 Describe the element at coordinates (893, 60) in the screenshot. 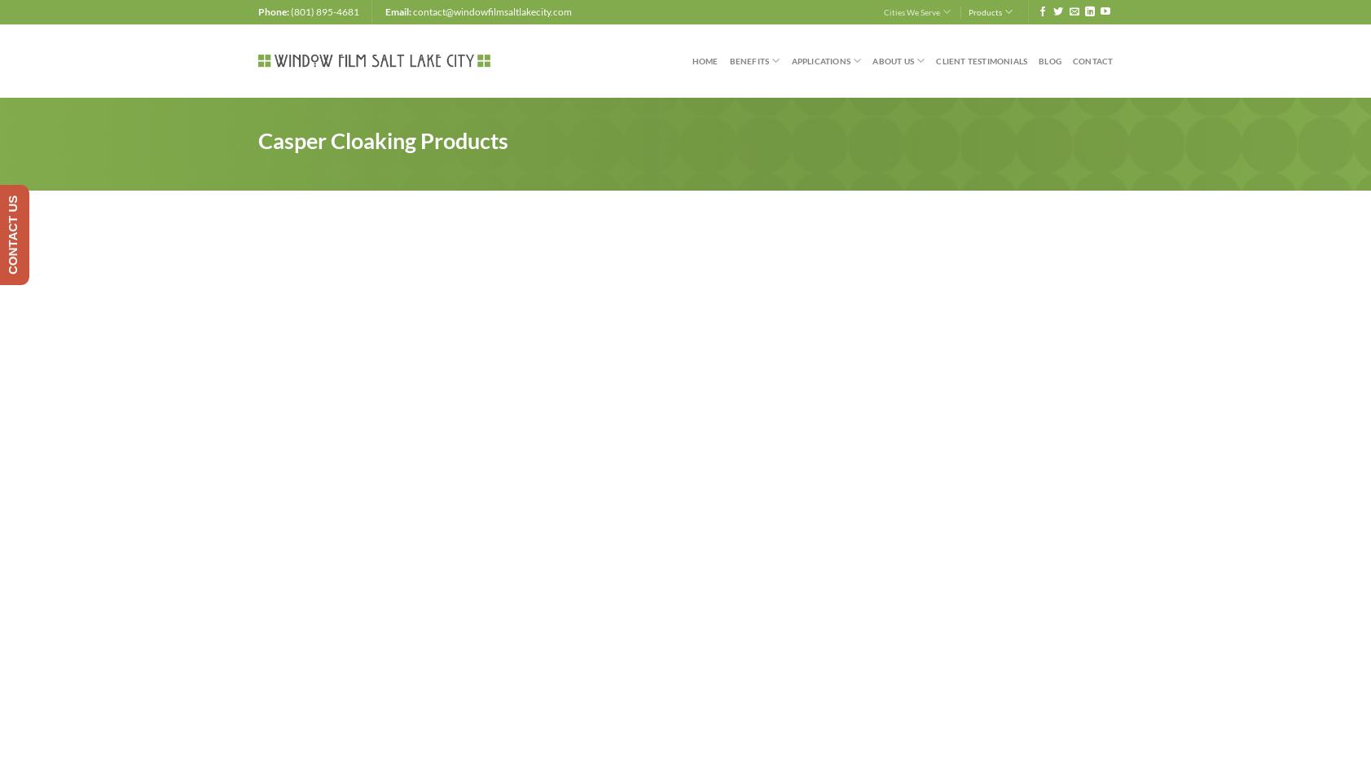

I see `'About Us'` at that location.